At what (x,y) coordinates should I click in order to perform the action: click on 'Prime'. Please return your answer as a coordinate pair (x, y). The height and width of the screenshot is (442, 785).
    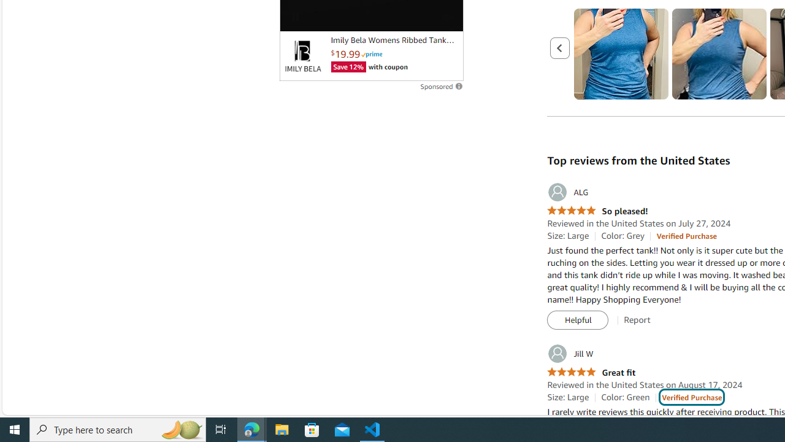
    Looking at the image, I should click on (371, 53).